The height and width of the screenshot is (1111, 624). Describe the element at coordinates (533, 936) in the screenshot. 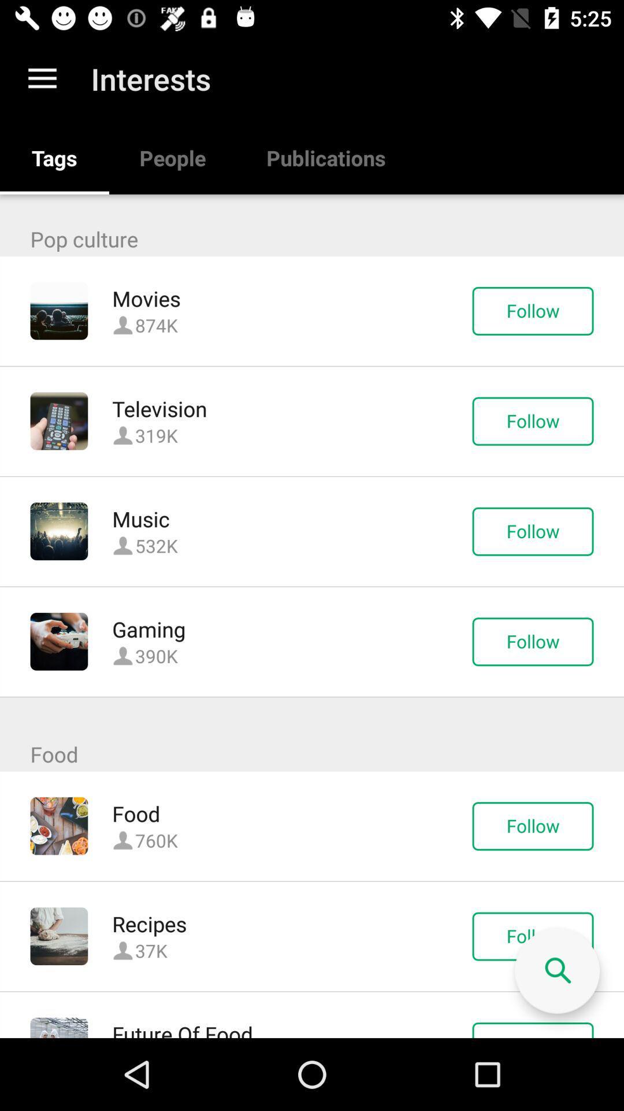

I see `the follow button which is next to recipes` at that location.